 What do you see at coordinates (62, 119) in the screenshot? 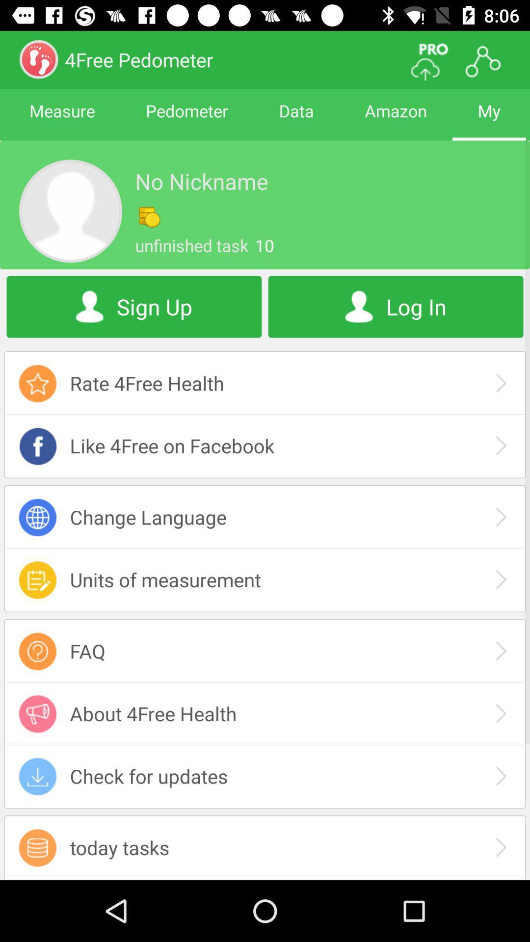
I see `measure item` at bounding box center [62, 119].